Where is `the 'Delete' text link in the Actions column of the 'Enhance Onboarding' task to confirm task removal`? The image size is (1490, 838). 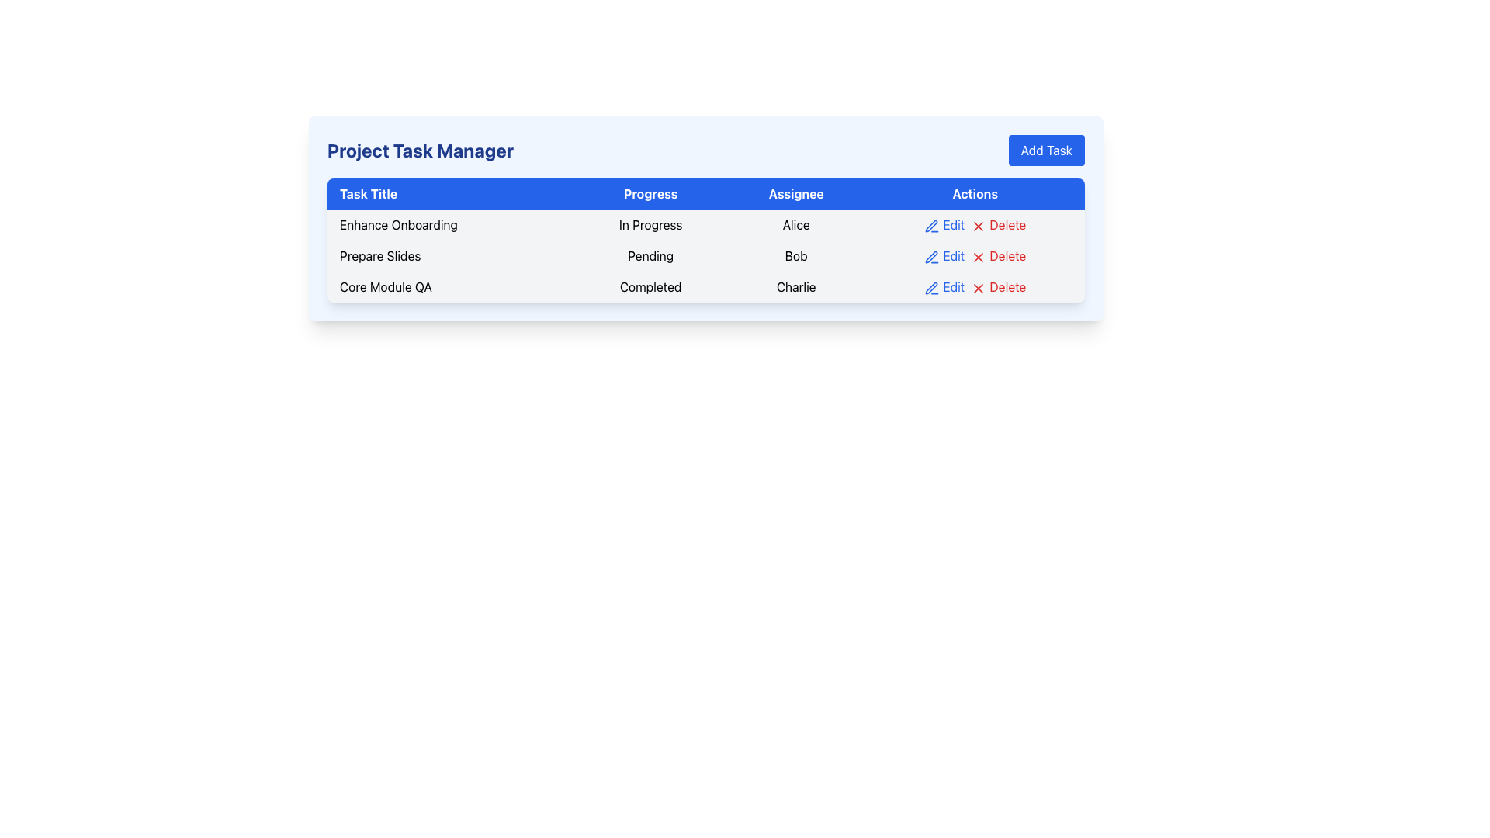 the 'Delete' text link in the Actions column of the 'Enhance Onboarding' task to confirm task removal is located at coordinates (974, 224).